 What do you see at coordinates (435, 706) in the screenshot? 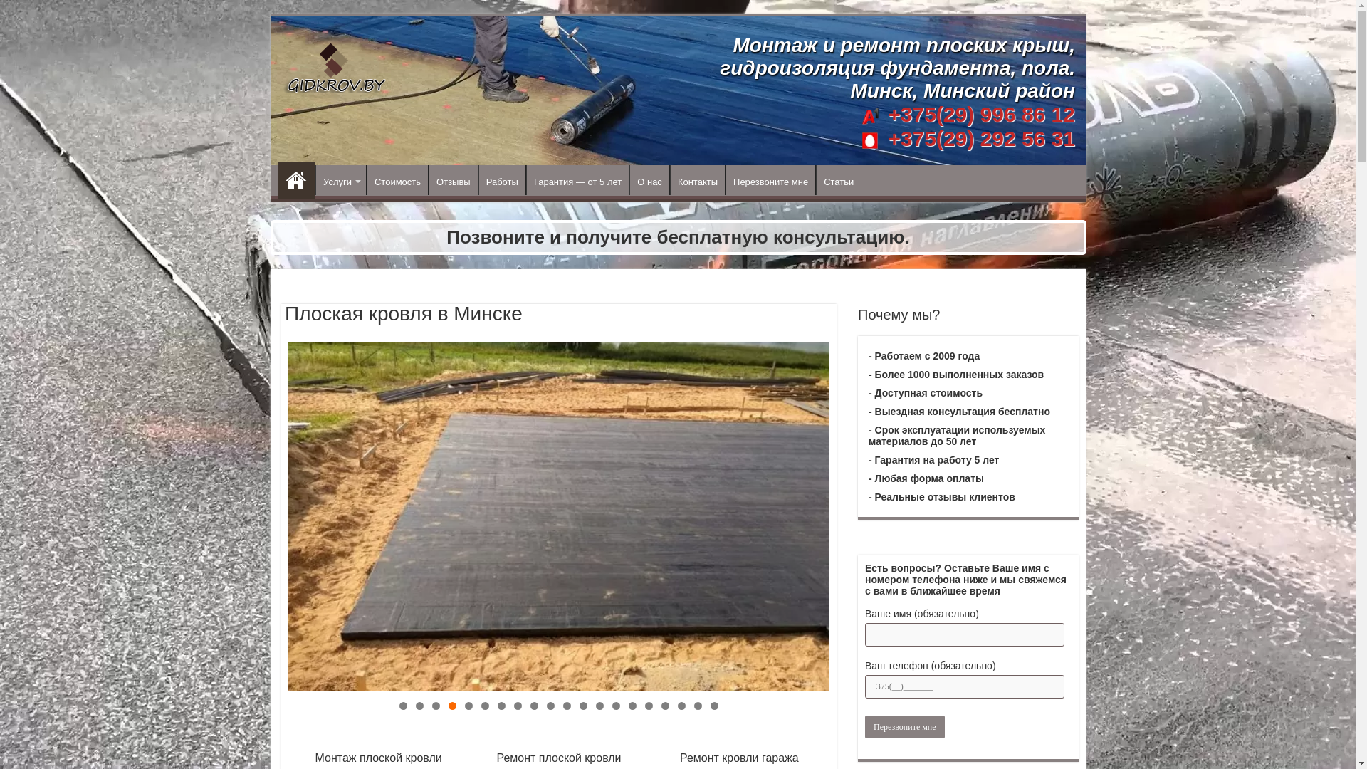
I see `'3'` at bounding box center [435, 706].